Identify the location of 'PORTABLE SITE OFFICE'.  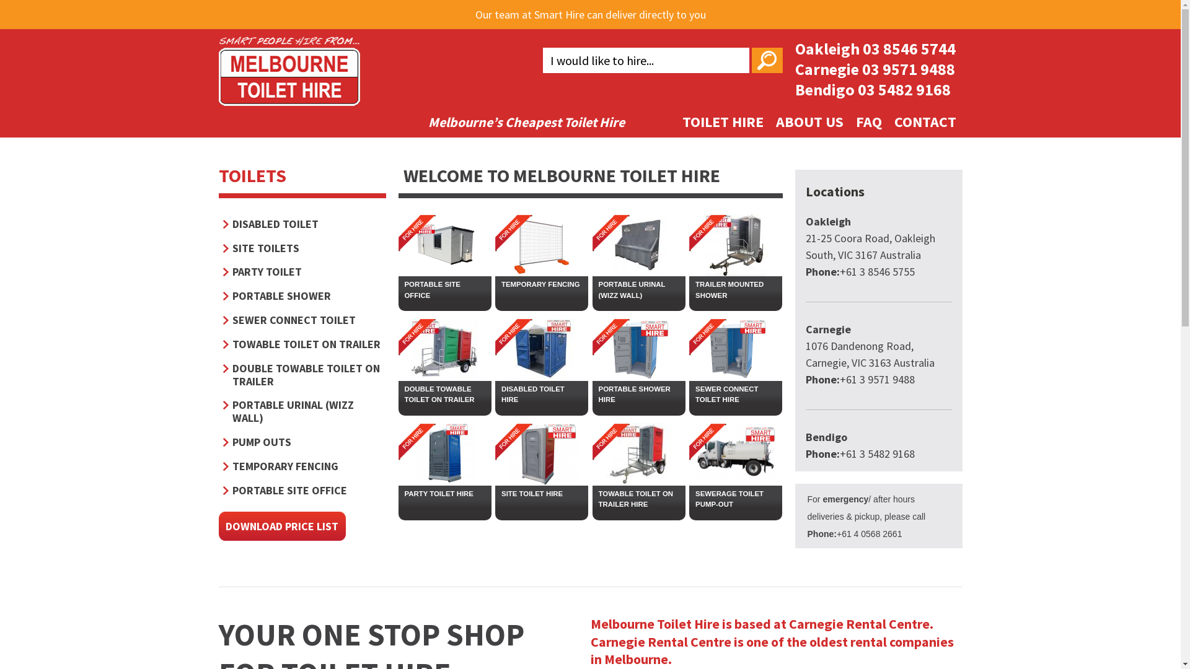
(444, 289).